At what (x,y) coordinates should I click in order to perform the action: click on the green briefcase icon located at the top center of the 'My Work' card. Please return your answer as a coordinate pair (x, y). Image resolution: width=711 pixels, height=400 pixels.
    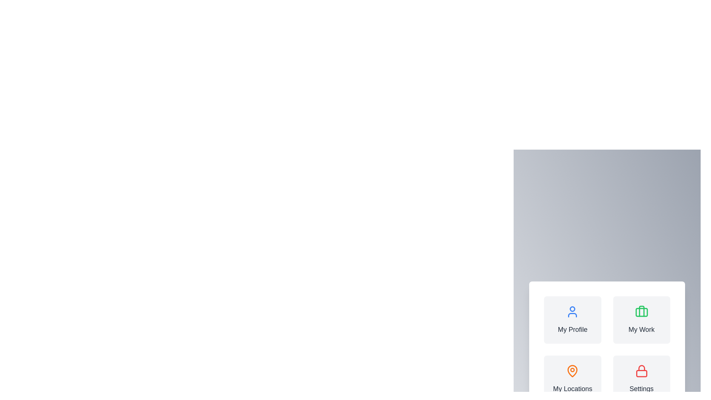
    Looking at the image, I should click on (641, 311).